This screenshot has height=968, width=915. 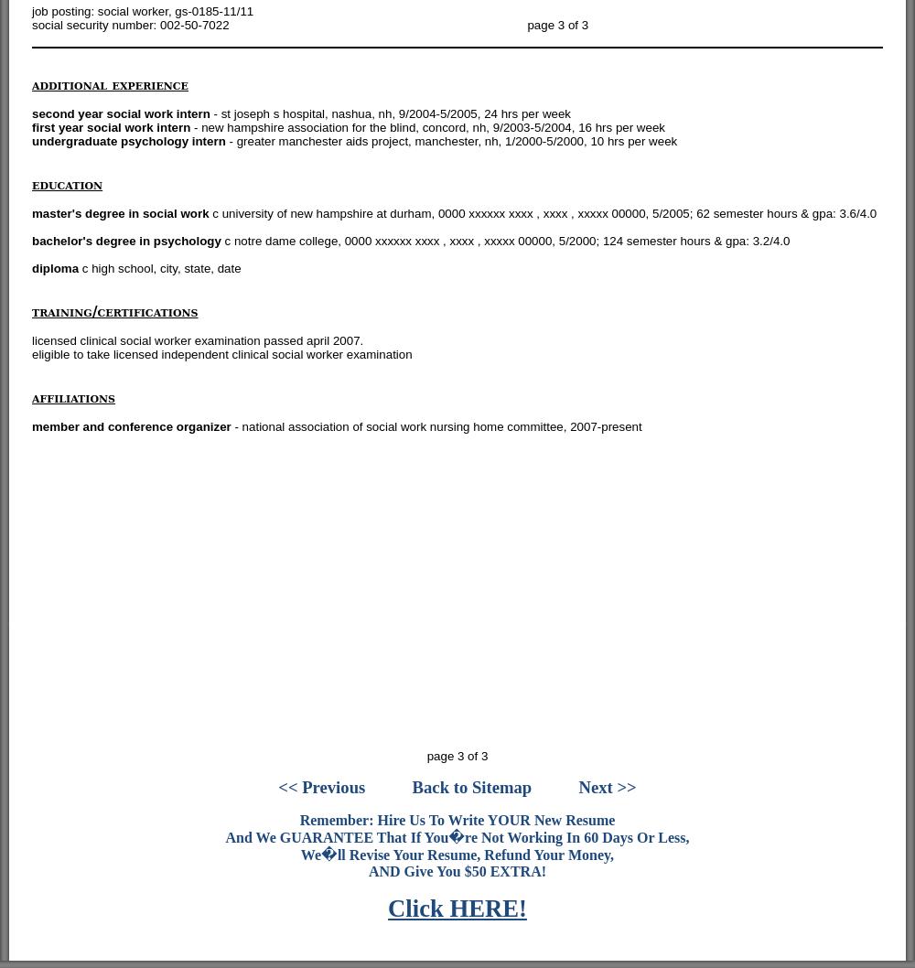 What do you see at coordinates (456, 855) in the screenshot?
I see `'We�ll Revise Your Resume, Refund Your Money,'` at bounding box center [456, 855].